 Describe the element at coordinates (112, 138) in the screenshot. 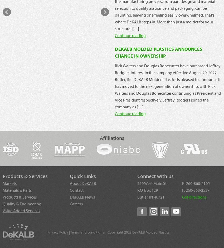

I see `'Affiliations'` at that location.